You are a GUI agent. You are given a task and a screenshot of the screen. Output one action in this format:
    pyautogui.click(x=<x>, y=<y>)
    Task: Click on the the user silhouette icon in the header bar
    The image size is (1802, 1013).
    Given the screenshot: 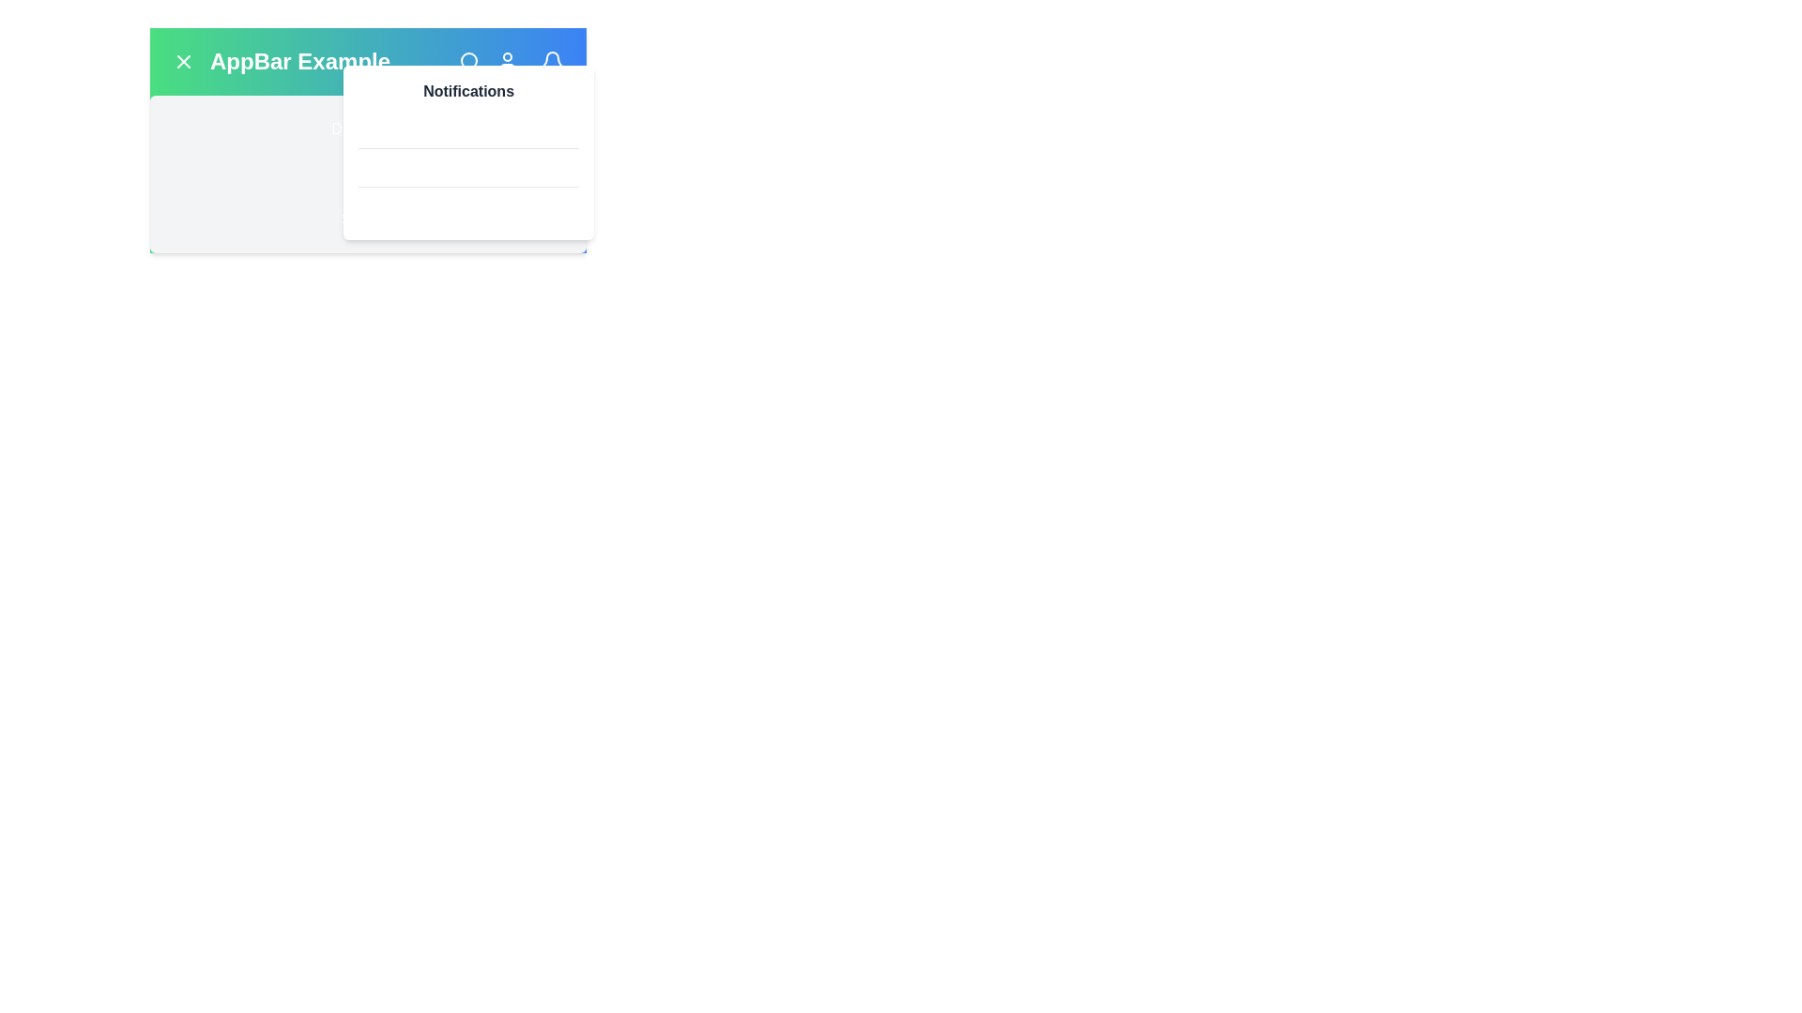 What is the action you would take?
    pyautogui.click(x=508, y=60)
    